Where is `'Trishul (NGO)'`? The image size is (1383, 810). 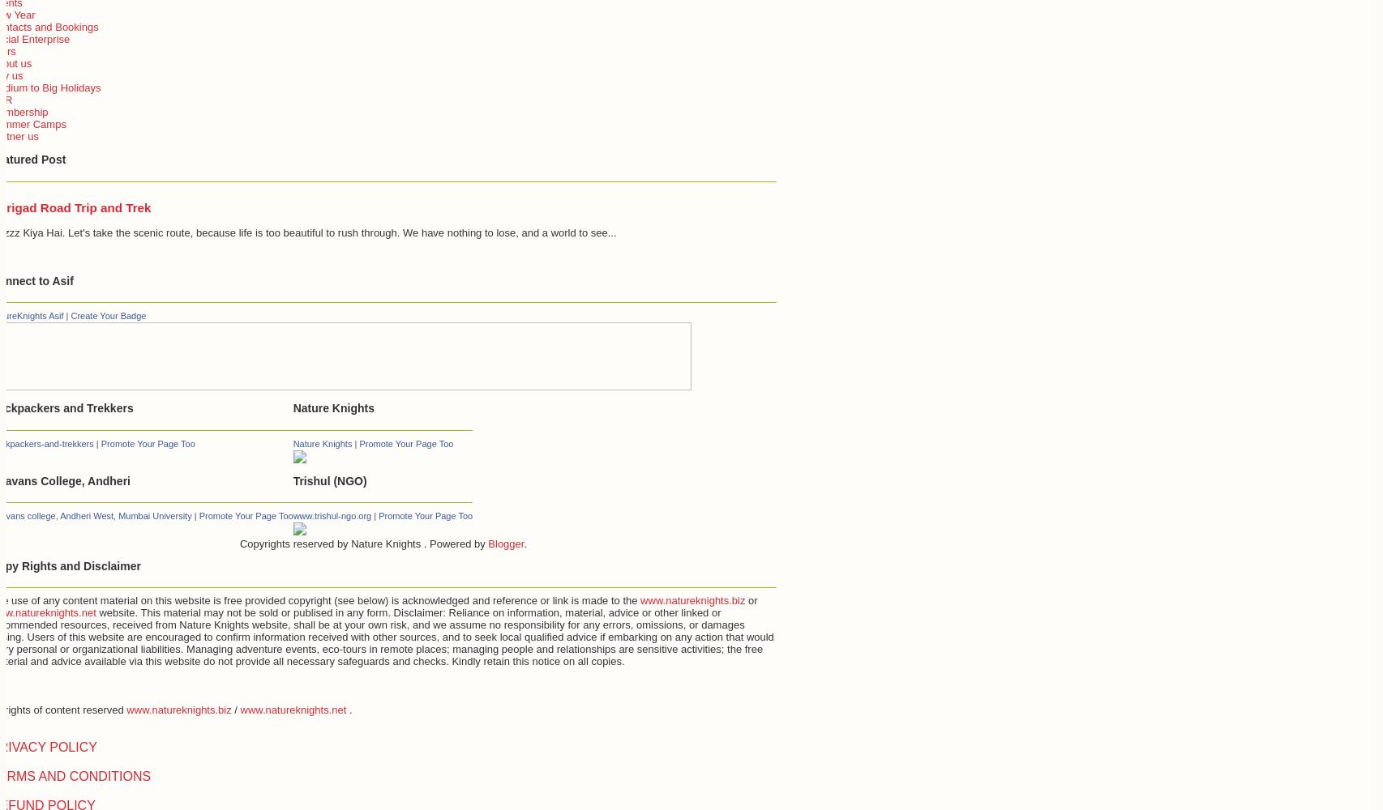 'Trishul (NGO)' is located at coordinates (329, 480).